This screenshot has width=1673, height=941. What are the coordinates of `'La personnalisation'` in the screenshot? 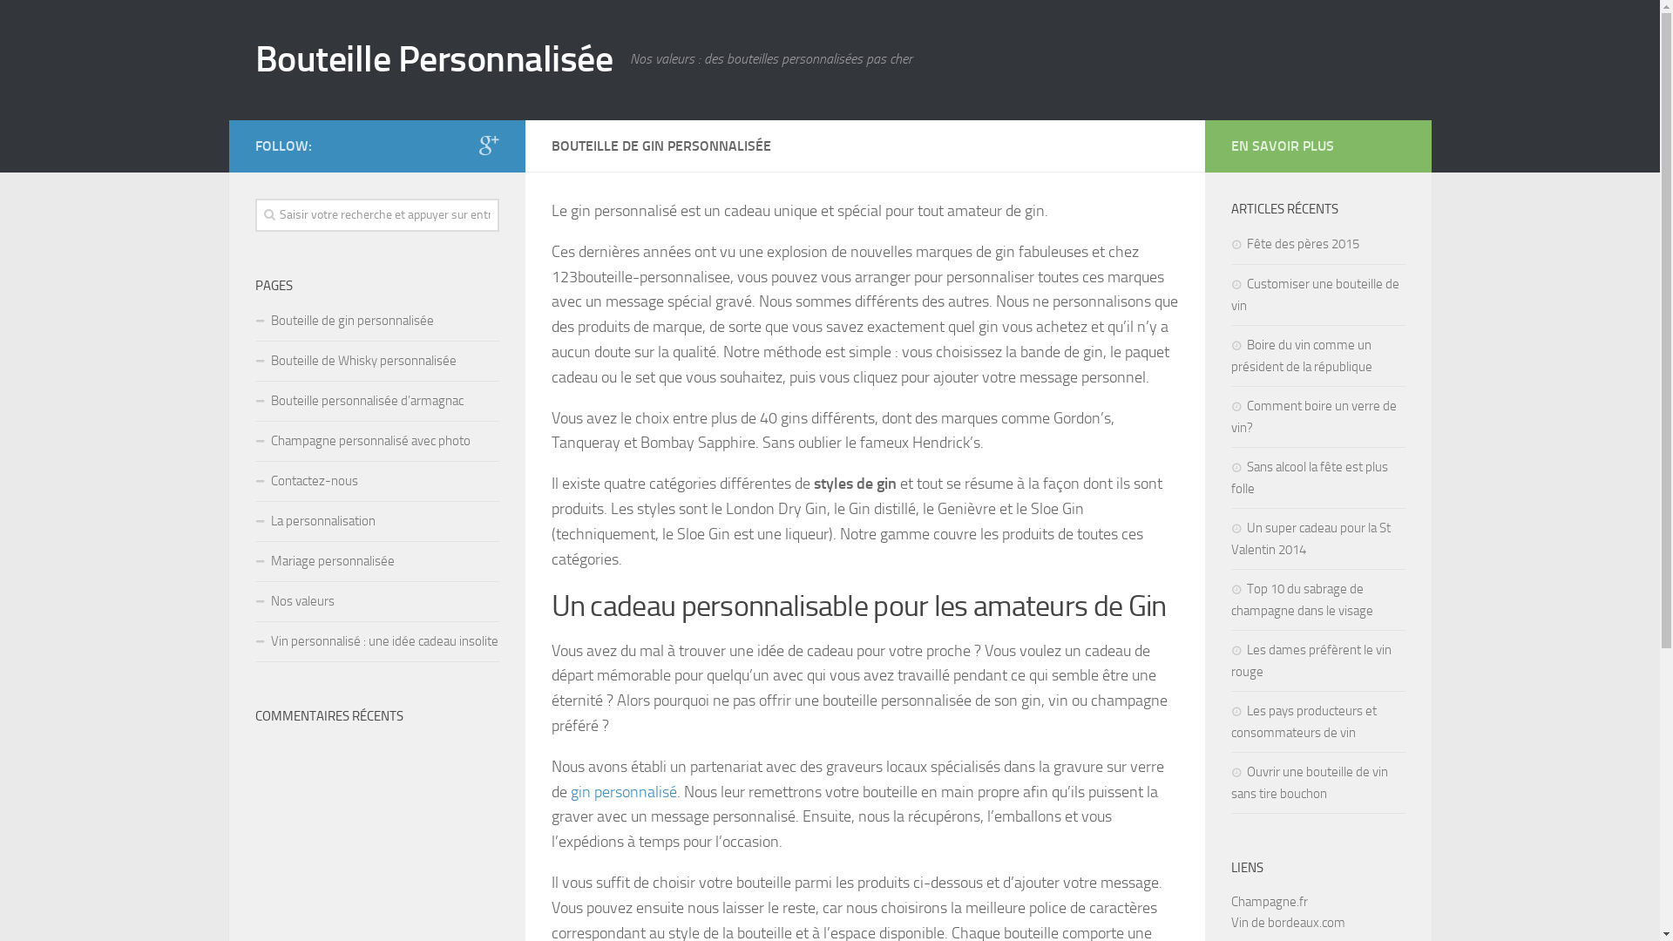 It's located at (376, 520).